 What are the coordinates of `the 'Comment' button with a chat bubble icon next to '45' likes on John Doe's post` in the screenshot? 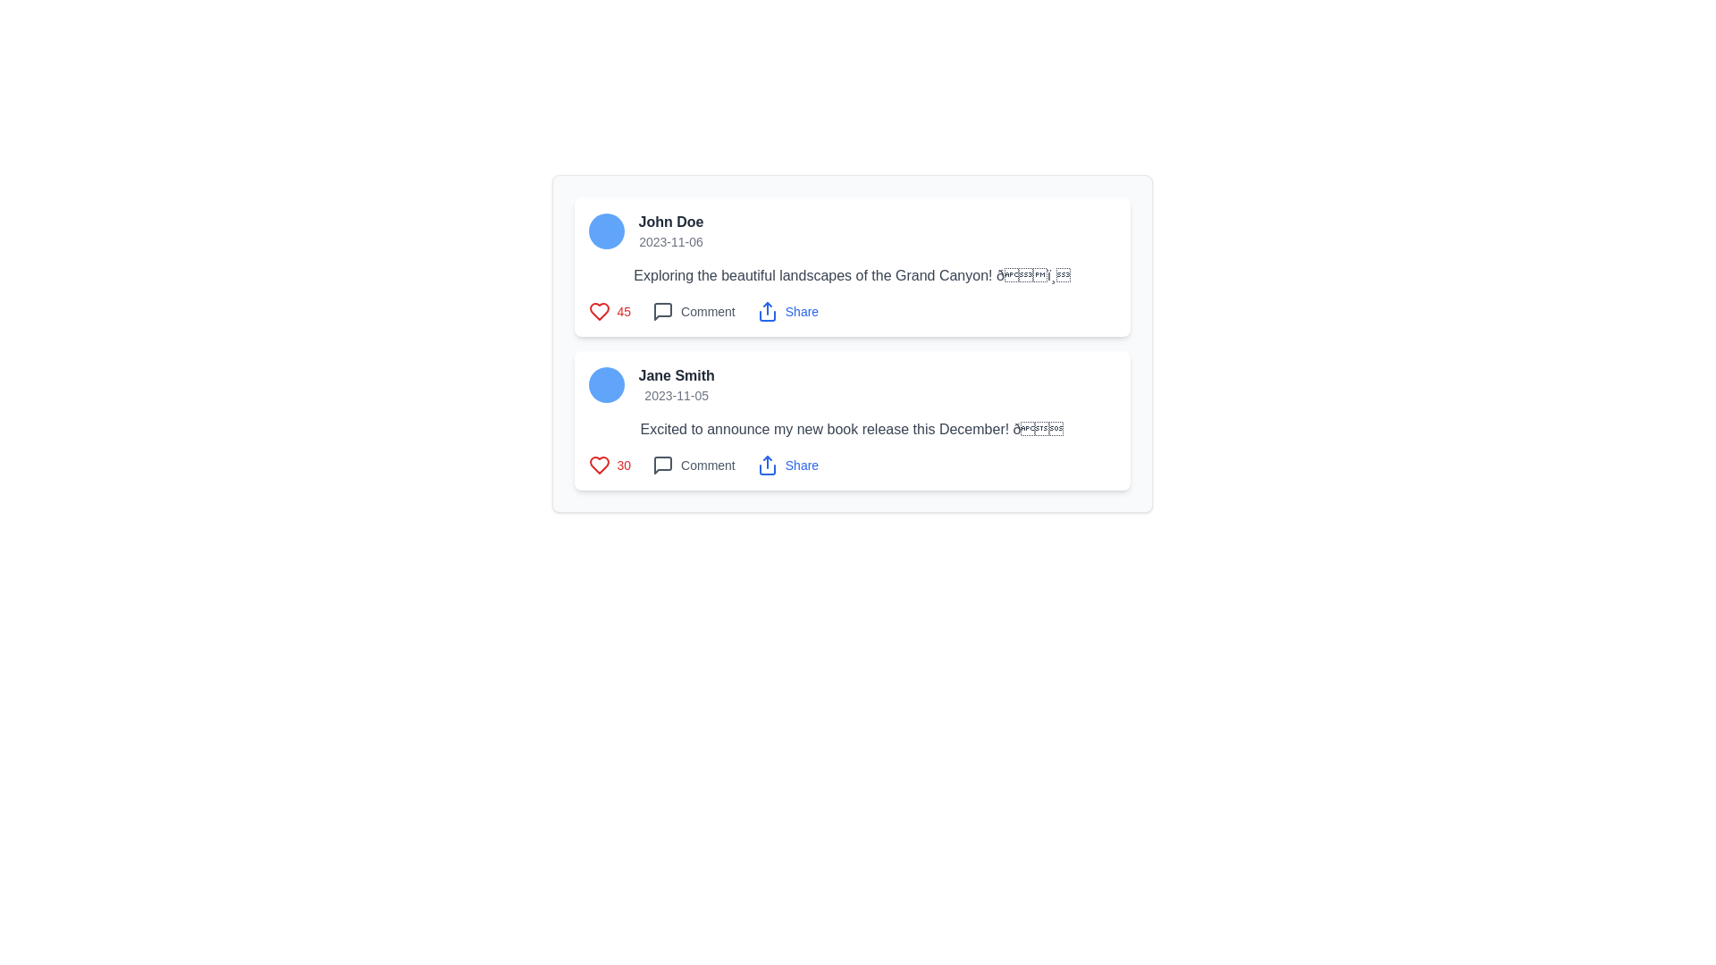 It's located at (693, 310).